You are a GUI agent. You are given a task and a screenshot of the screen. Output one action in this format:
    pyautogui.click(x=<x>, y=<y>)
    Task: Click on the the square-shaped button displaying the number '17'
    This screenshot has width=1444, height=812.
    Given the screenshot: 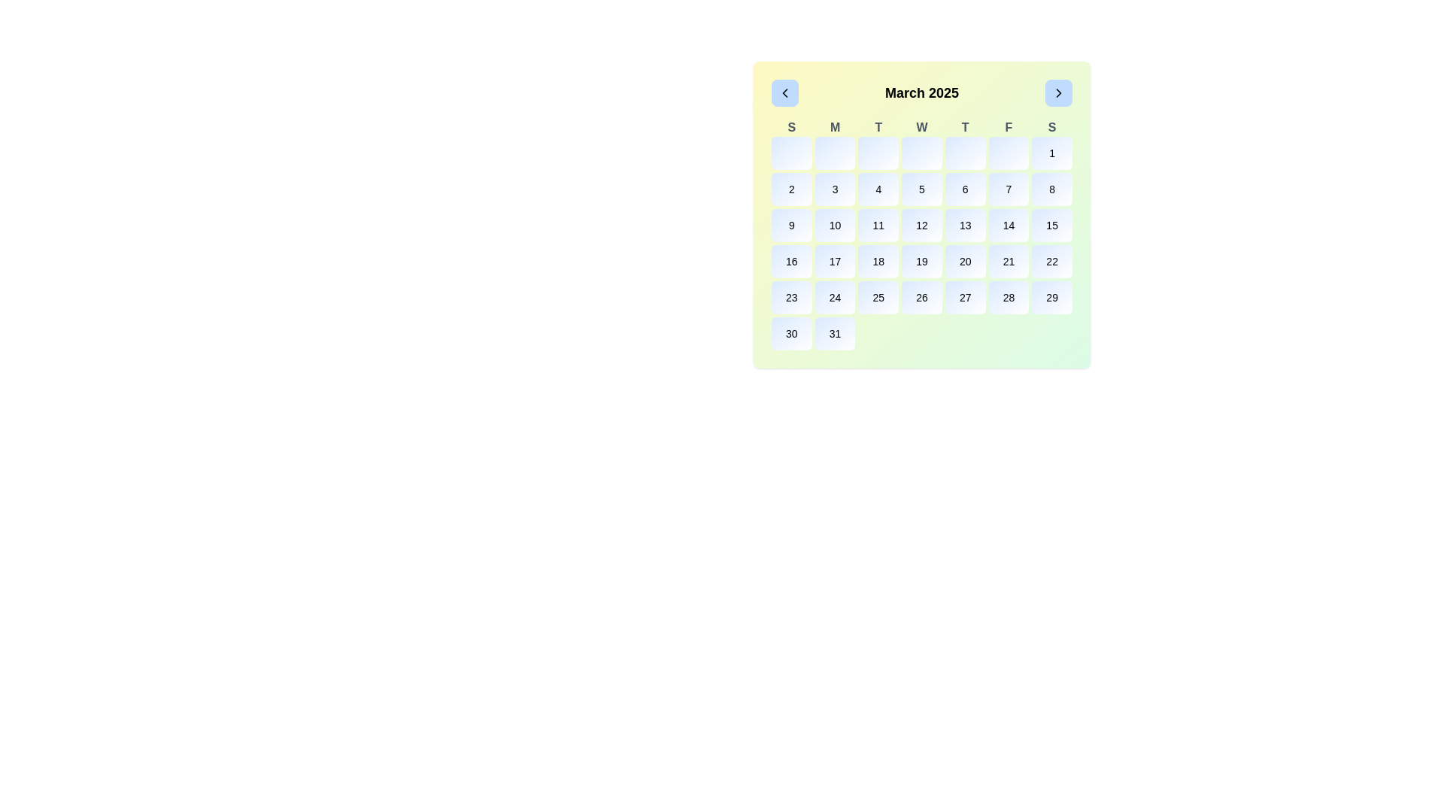 What is the action you would take?
    pyautogui.click(x=834, y=260)
    